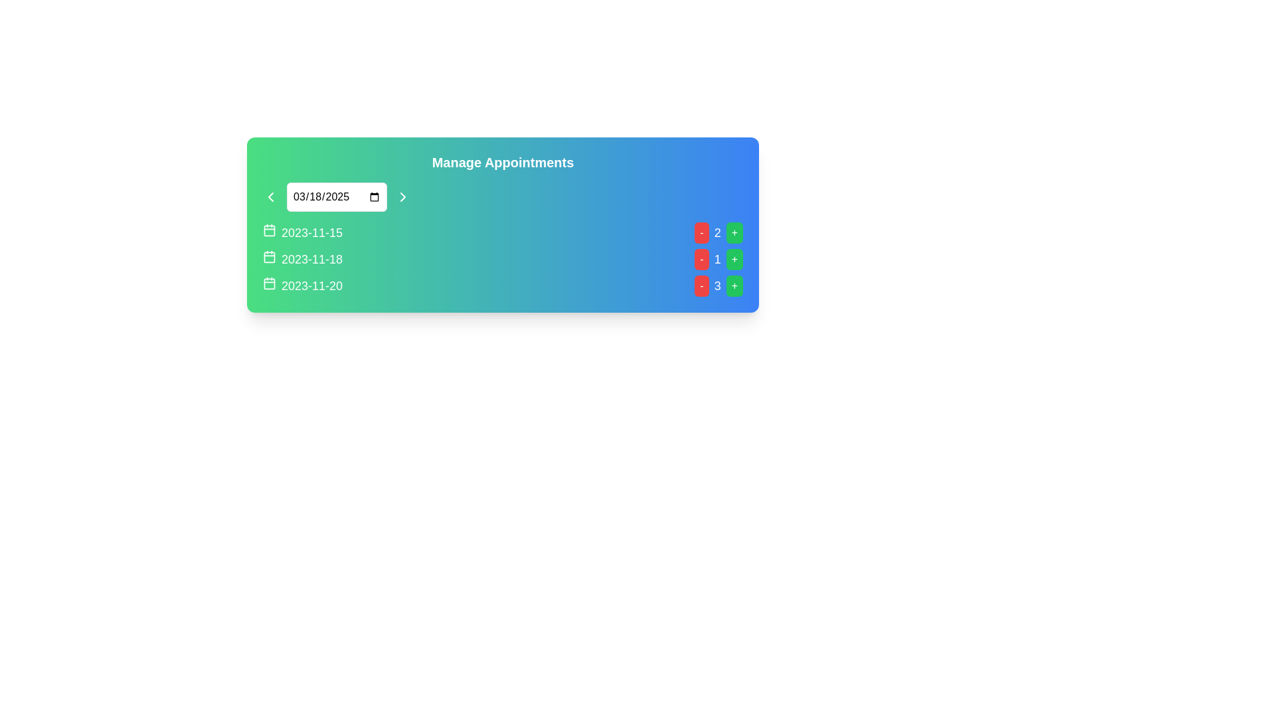 The width and height of the screenshot is (1275, 717). Describe the element at coordinates (311, 259) in the screenshot. I see `the second date entry, which represents the date '2023-11-18' in the list of selectable dates within the scheduling interface` at that location.